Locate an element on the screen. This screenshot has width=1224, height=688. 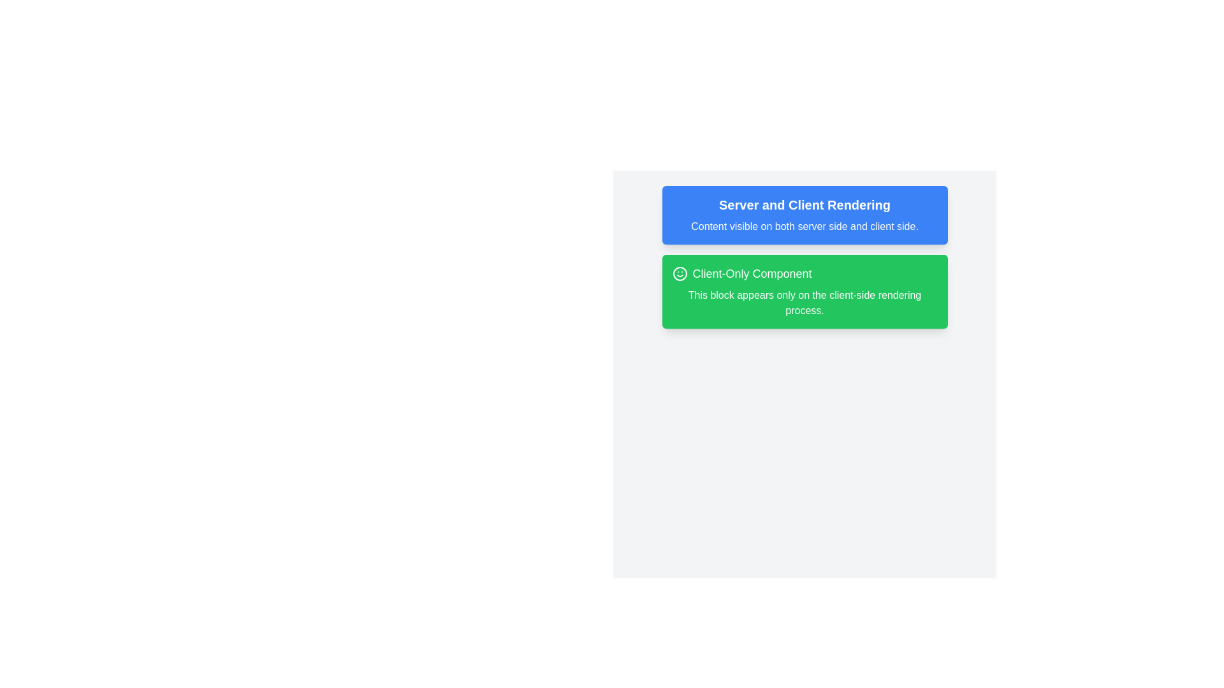
information displayed in the non-interactive informational block located beneath the 'Server and Client Rendering' block, which indicates that its content is exclusive to the client-side rendering process is located at coordinates (804, 292).